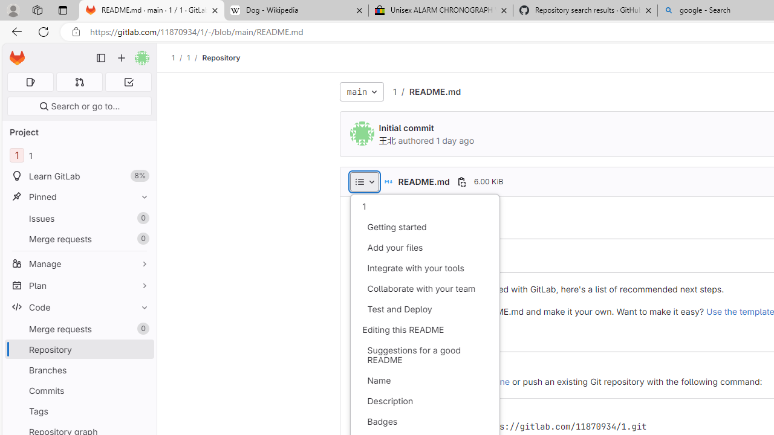 The image size is (774, 435). What do you see at coordinates (79, 285) in the screenshot?
I see `'Plan'` at bounding box center [79, 285].